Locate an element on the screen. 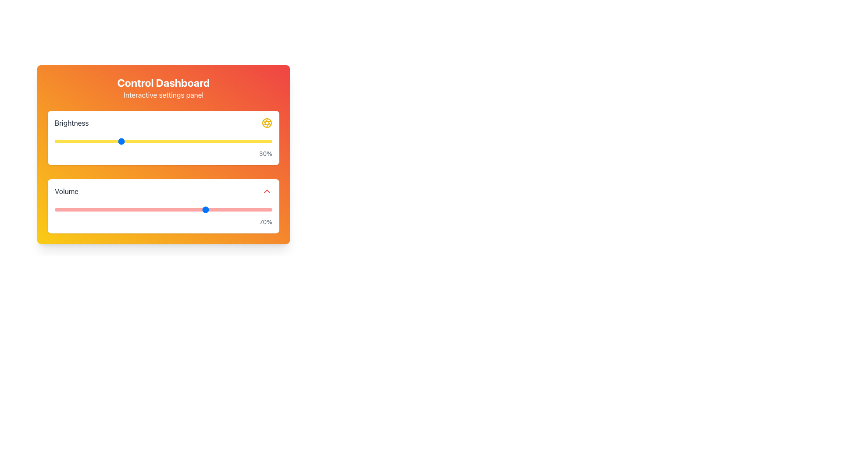 This screenshot has height=473, width=842. the Volume slider is located at coordinates (164, 209).